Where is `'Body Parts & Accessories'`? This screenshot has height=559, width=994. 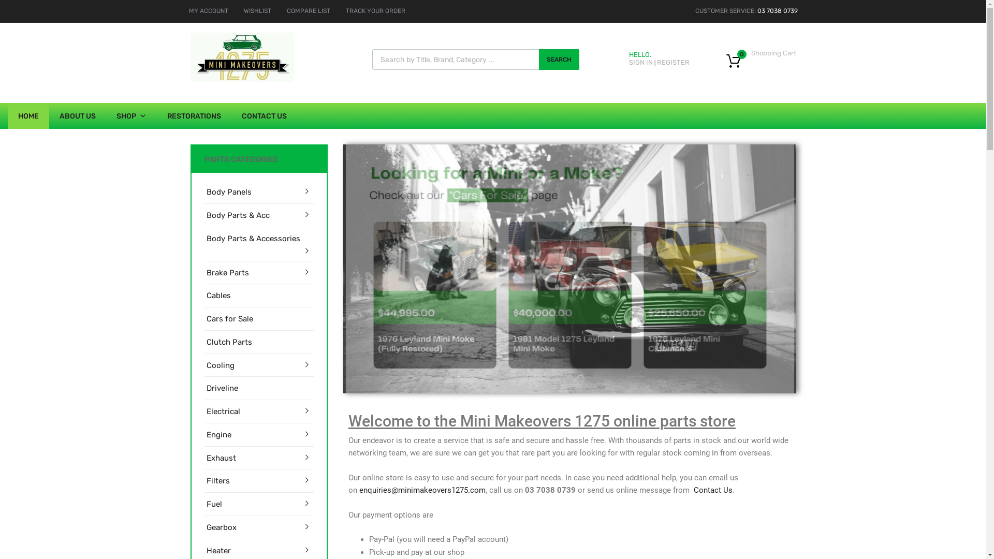
'Body Parts & Accessories' is located at coordinates (206, 239).